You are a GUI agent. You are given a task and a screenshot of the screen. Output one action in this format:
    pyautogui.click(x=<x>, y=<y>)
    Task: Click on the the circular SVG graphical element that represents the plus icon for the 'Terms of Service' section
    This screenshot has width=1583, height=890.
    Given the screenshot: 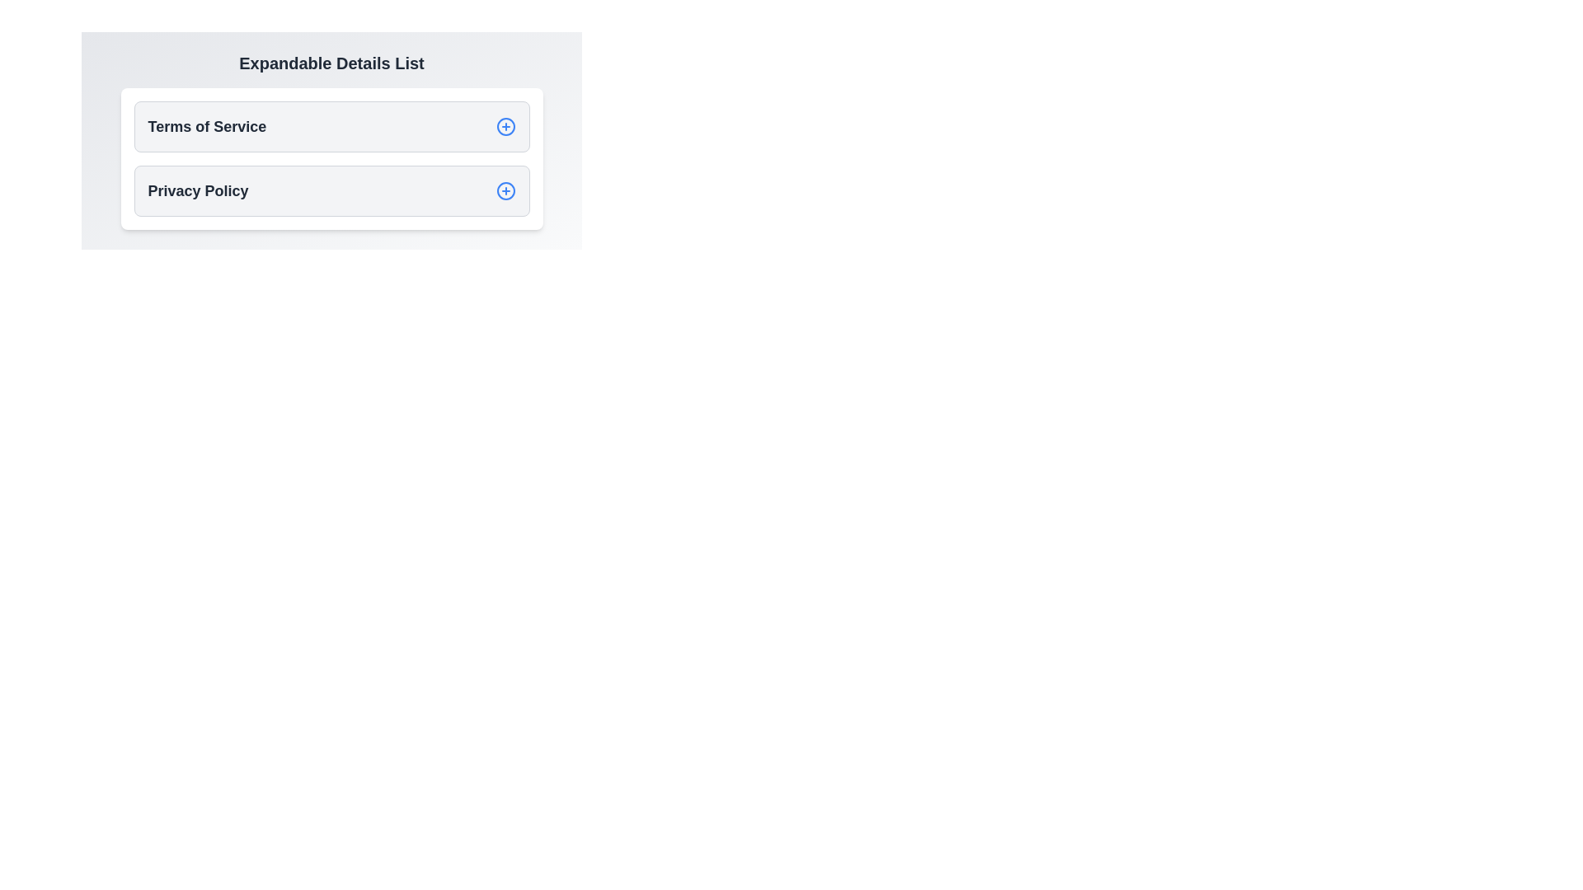 What is the action you would take?
    pyautogui.click(x=505, y=126)
    